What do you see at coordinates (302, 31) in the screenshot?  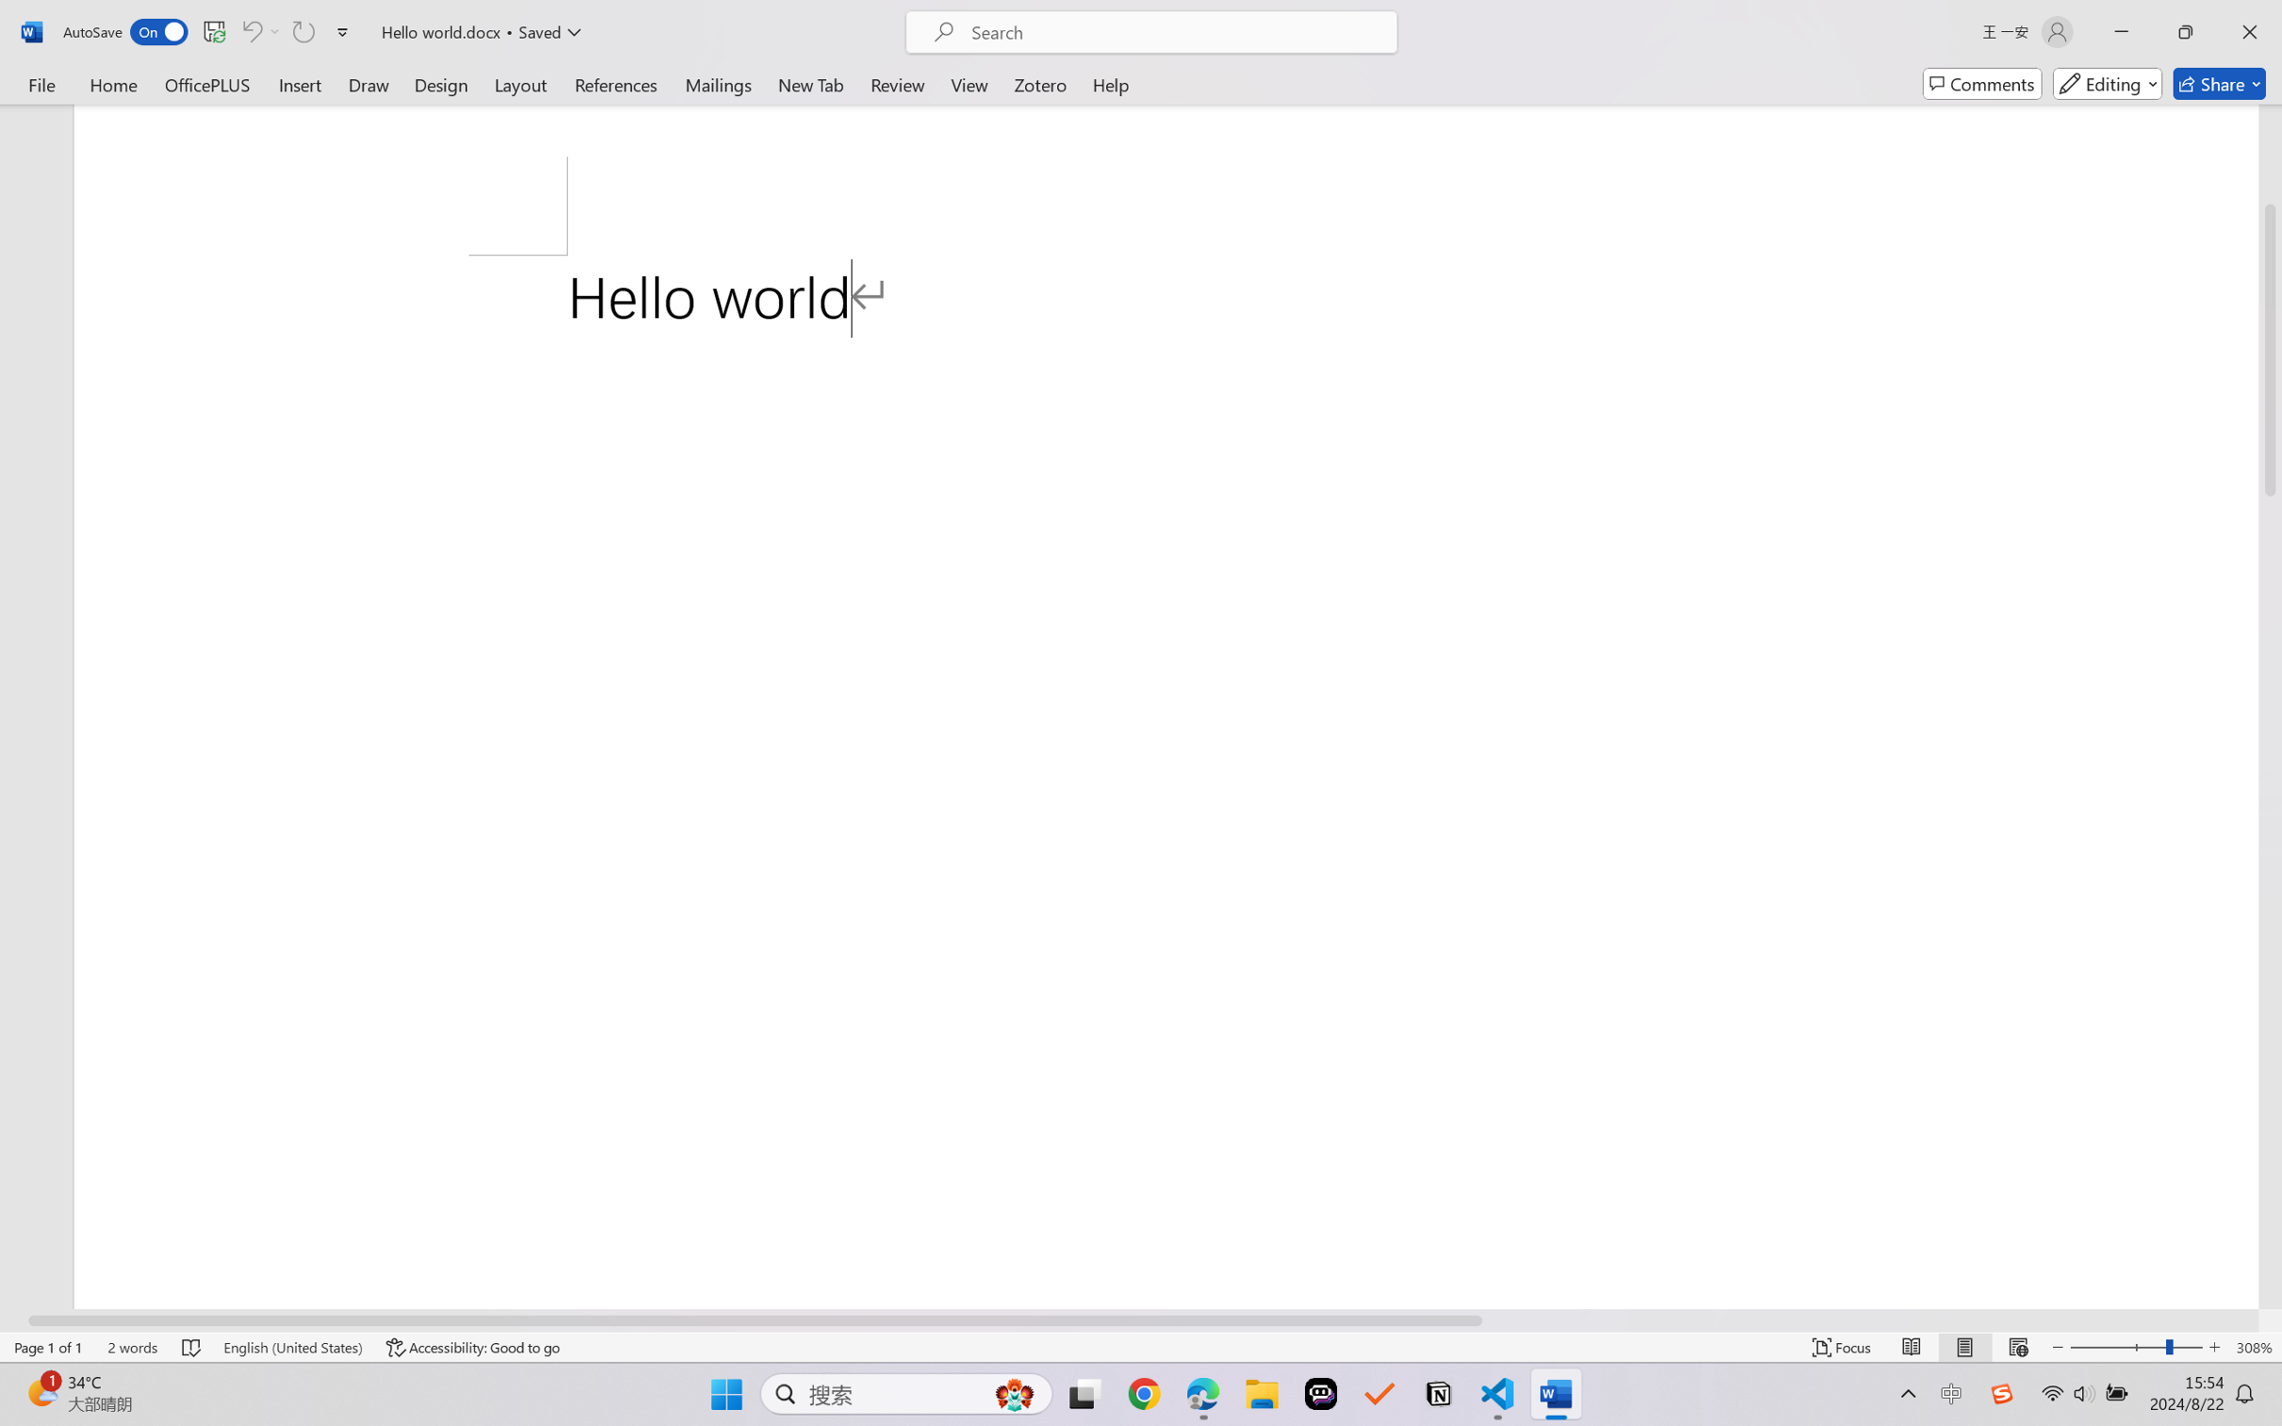 I see `'Can'` at bounding box center [302, 31].